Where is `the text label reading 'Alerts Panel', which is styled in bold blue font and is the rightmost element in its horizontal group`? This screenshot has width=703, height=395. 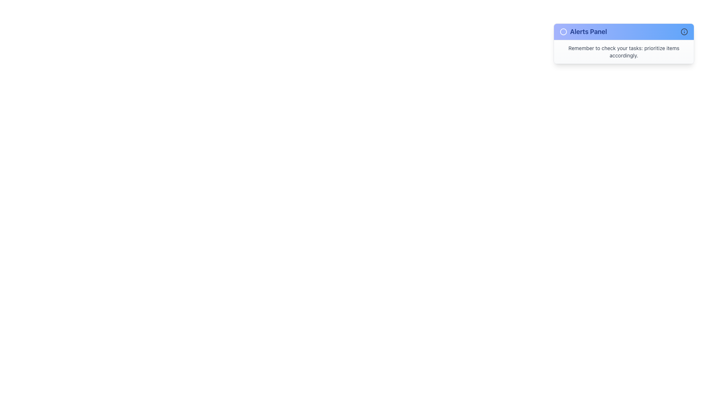 the text label reading 'Alerts Panel', which is styled in bold blue font and is the rightmost element in its horizontal group is located at coordinates (588, 31).